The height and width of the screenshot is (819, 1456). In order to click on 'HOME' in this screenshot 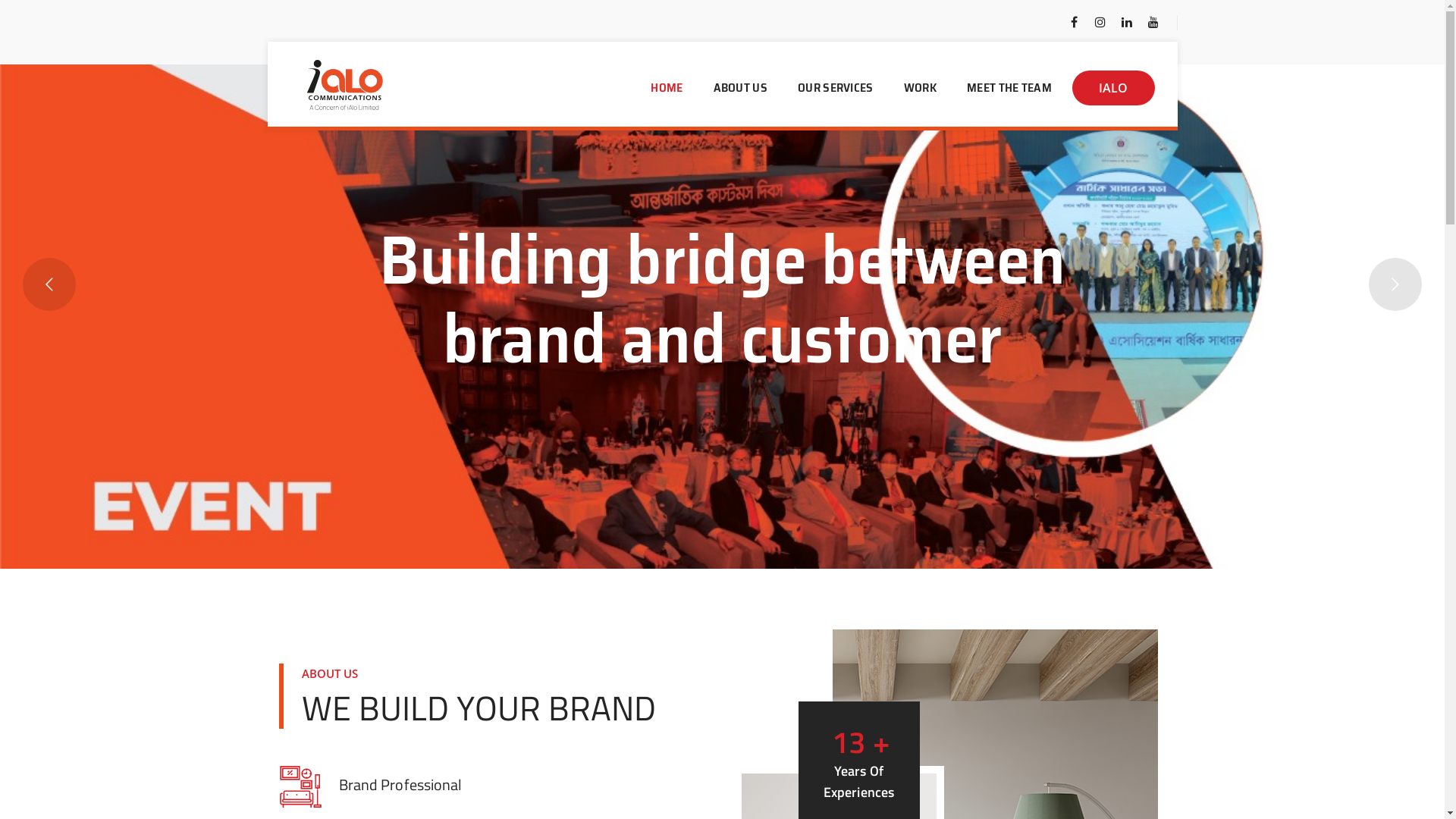, I will do `click(637, 87)`.